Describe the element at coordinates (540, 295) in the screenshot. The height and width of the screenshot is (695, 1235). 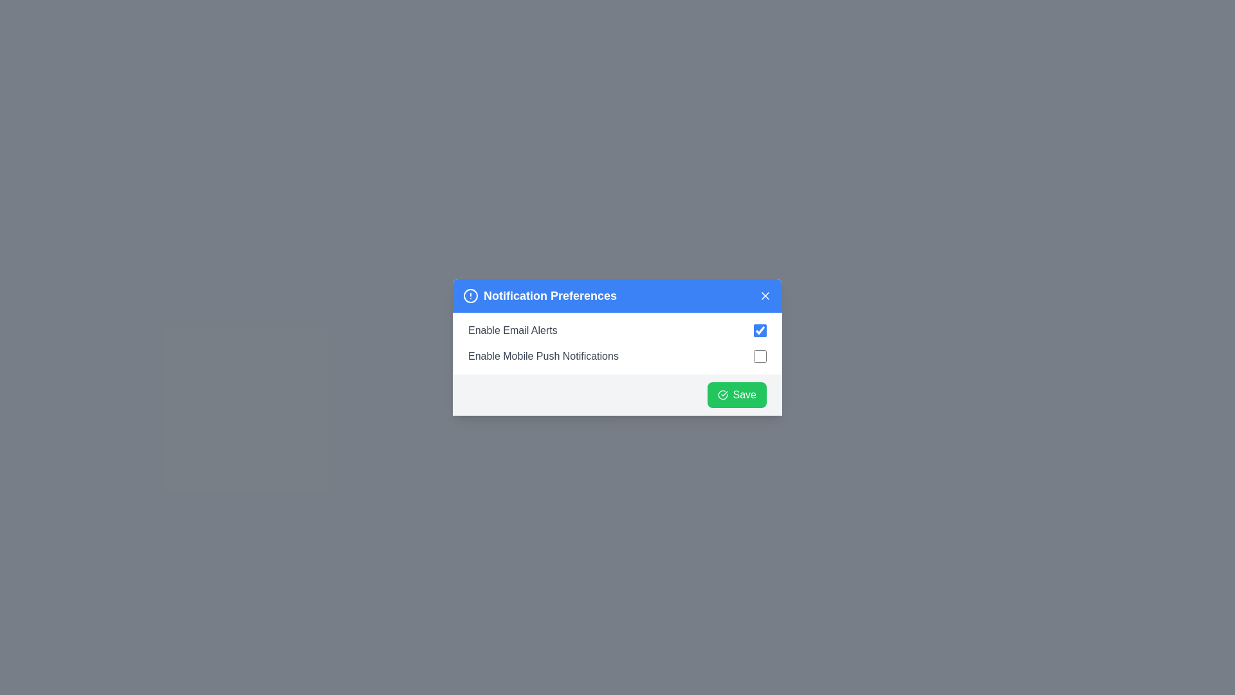
I see `the 'Notification Preferences' heading, which is styled with bold and large font size and accompanied by a circular icon with an exclamation mark to its left` at that location.